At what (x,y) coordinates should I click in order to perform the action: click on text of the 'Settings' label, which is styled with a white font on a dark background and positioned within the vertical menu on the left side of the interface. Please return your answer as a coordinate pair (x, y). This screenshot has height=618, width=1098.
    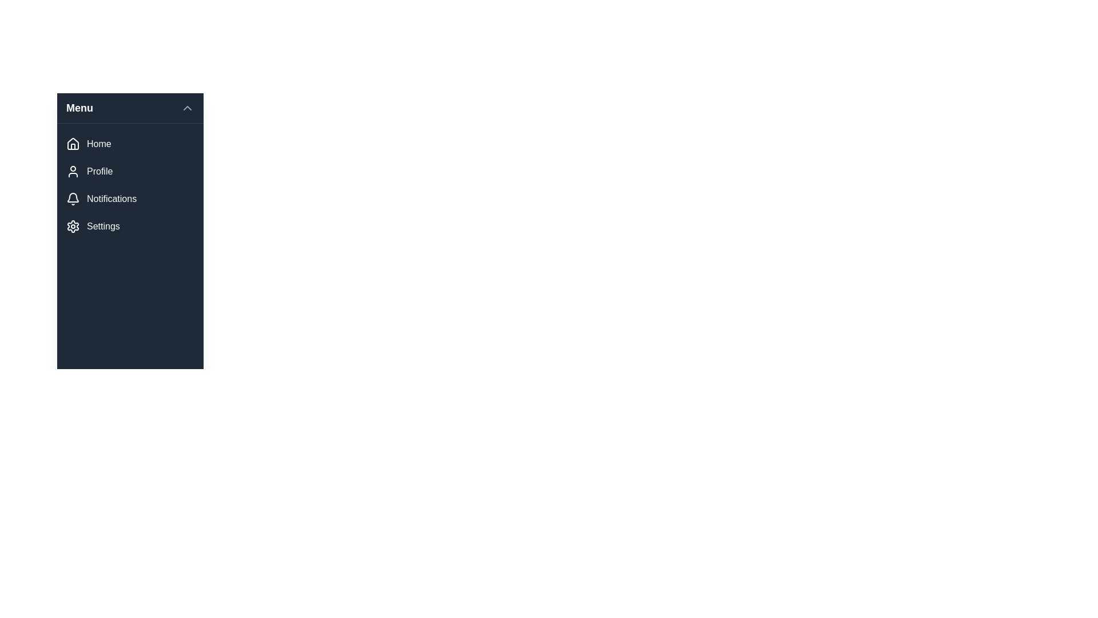
    Looking at the image, I should click on (103, 227).